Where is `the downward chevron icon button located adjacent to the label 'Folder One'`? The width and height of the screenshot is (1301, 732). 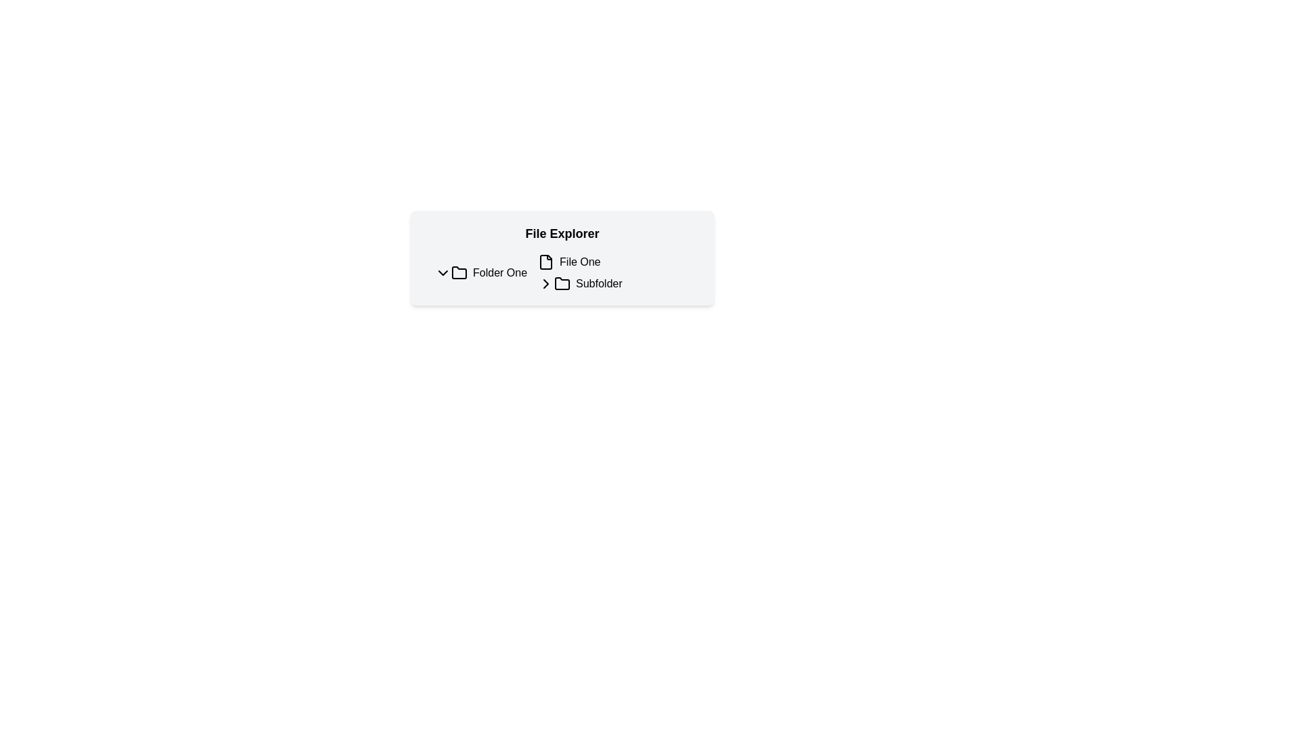
the downward chevron icon button located adjacent to the label 'Folder One' is located at coordinates (442, 272).